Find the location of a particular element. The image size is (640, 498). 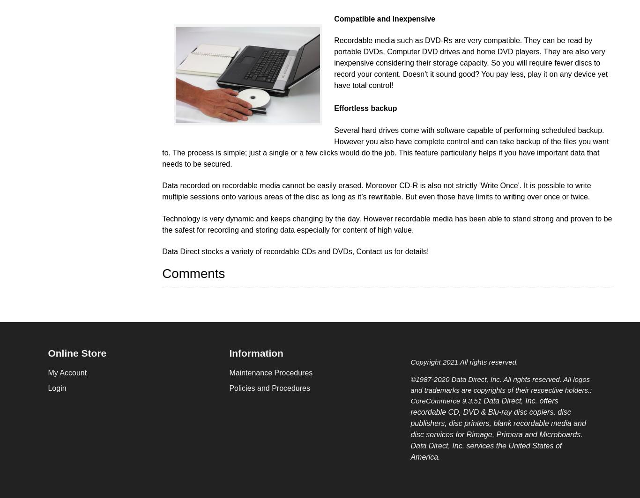

'Maintenance Procedures' is located at coordinates (270, 373).